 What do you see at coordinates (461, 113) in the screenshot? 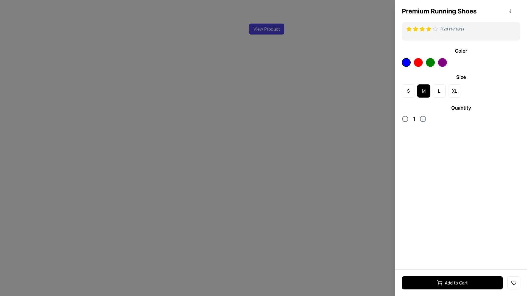
I see `the plus button of the interactive quantity modifier labeled 'Quantity' located in the lower right section of the interface to increase the value` at bounding box center [461, 113].